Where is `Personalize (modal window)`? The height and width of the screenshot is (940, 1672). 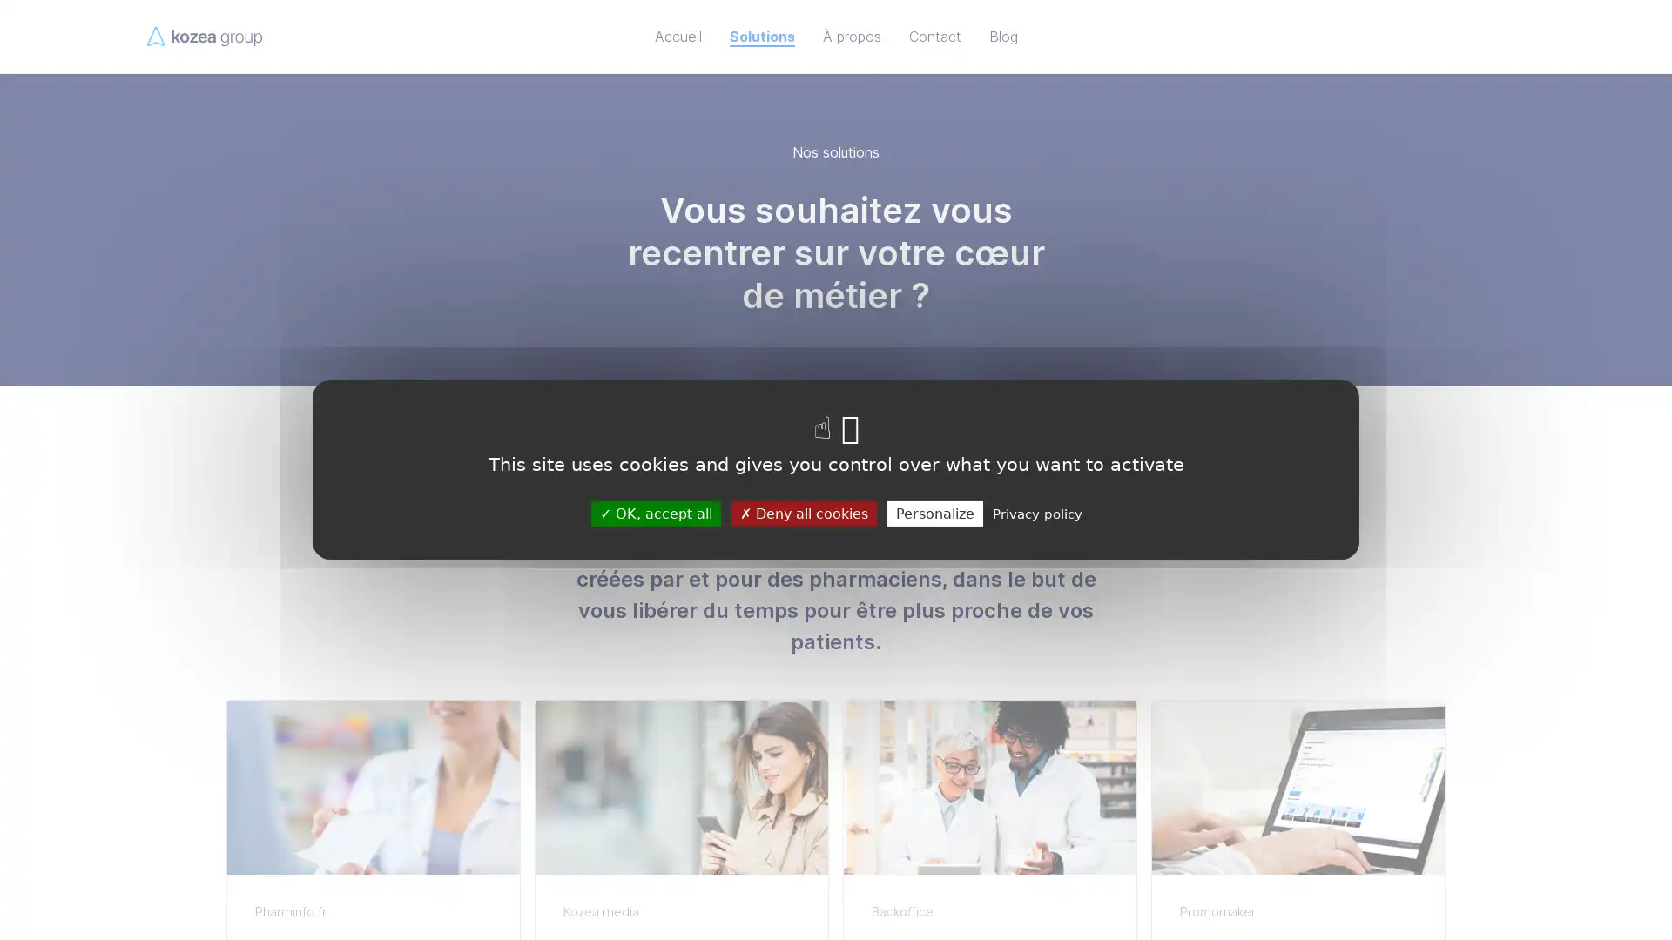
Personalize (modal window) is located at coordinates (934, 513).